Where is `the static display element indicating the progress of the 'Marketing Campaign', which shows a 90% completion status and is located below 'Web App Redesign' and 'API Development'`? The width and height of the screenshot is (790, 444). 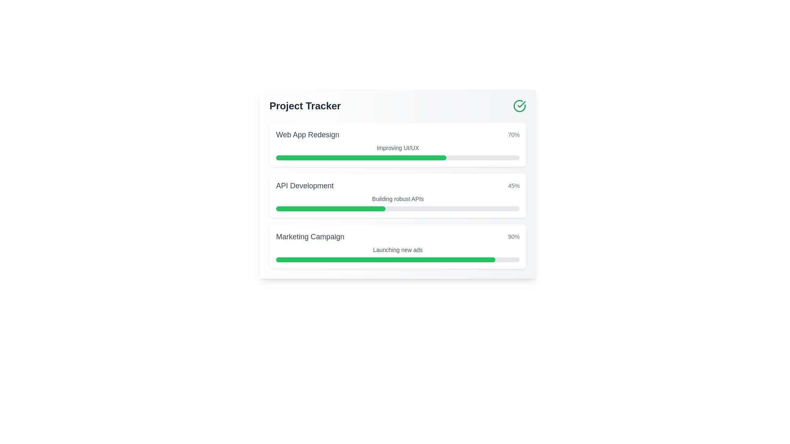
the static display element indicating the progress of the 'Marketing Campaign', which shows a 90% completion status and is located below 'Web App Redesign' and 'API Development' is located at coordinates (397, 236).